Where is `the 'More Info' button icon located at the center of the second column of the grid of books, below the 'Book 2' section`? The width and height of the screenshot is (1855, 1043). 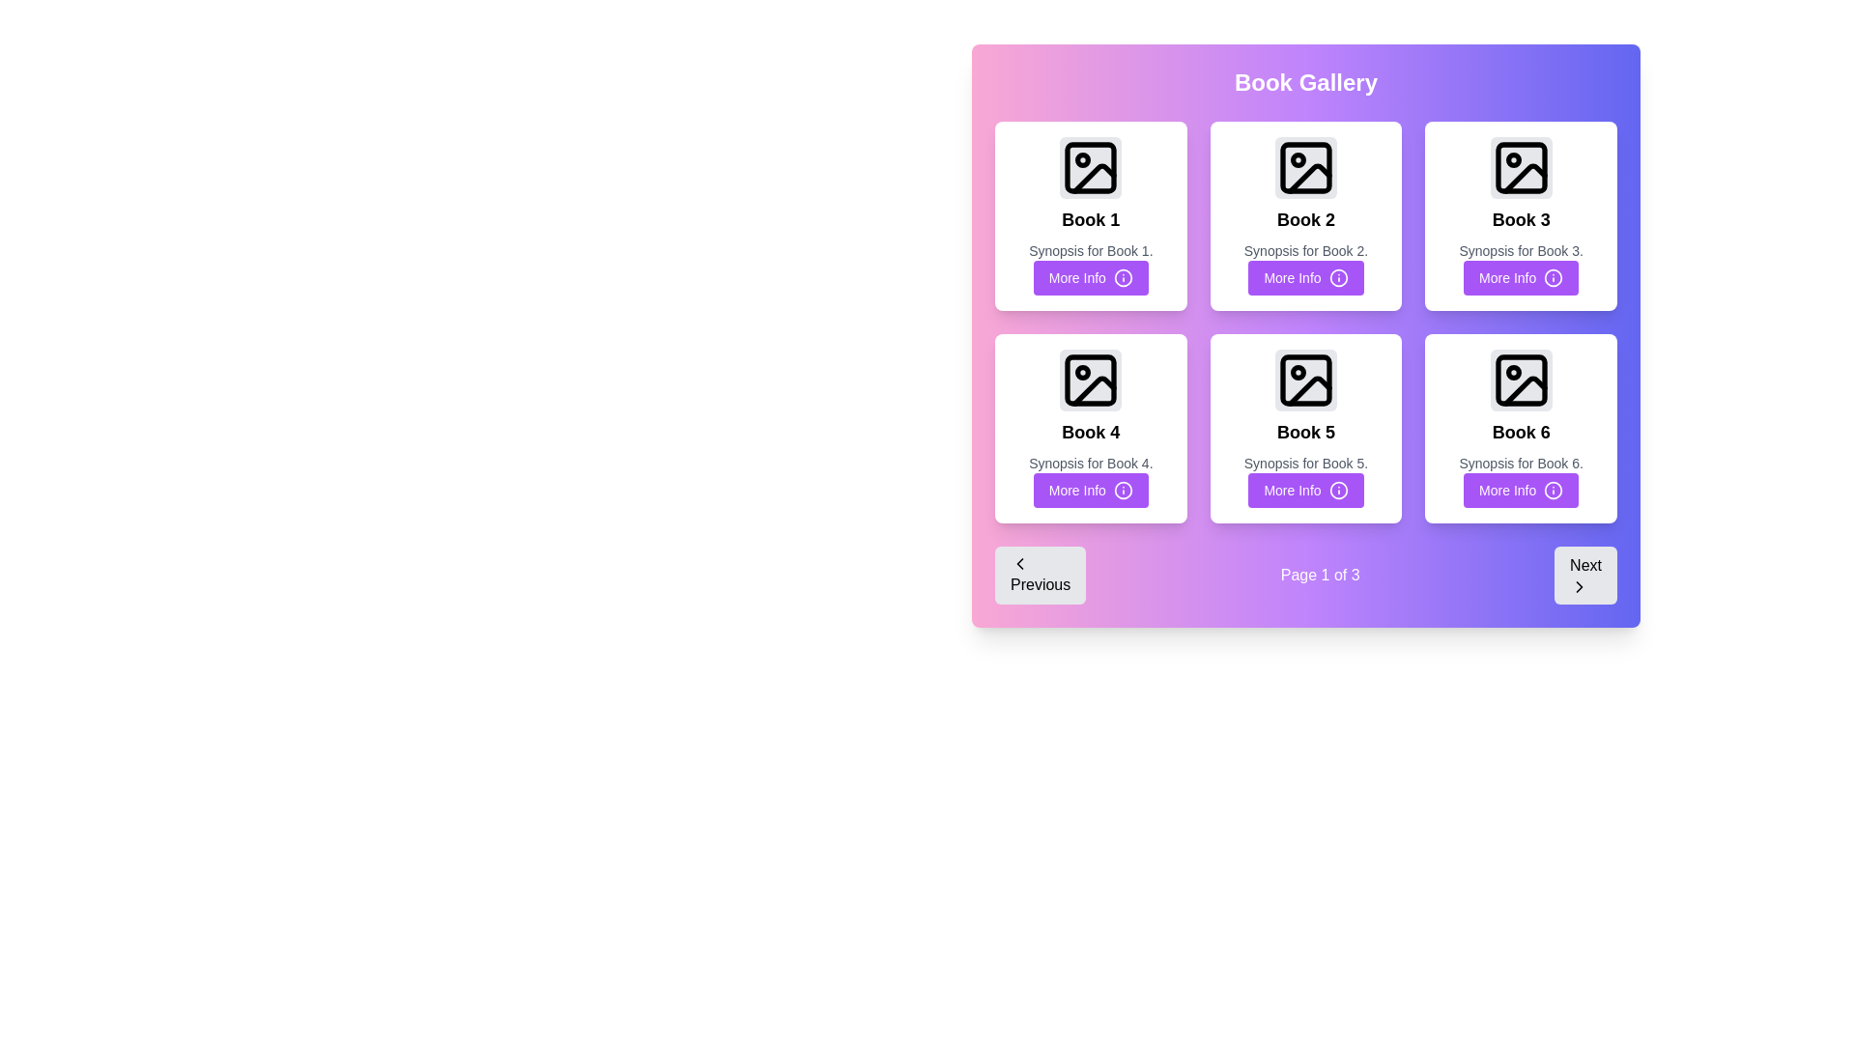 the 'More Info' button icon located at the center of the second column of the grid of books, below the 'Book 2' section is located at coordinates (1337, 278).